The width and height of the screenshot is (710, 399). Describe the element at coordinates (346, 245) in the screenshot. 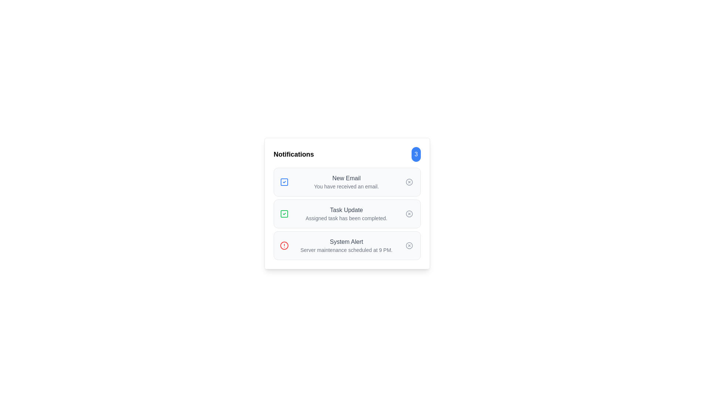

I see `the static text display that informs the user about an upcoming server maintenance event scheduled for 9 PM, located in the third position of the vertical notification list` at that location.